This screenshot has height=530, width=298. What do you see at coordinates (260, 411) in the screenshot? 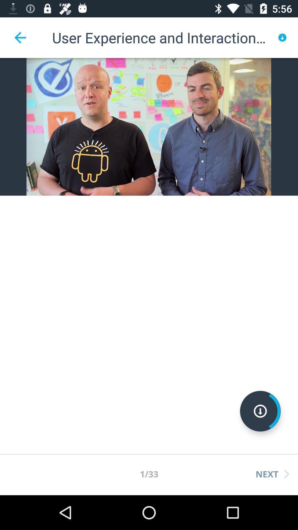
I see `the file_download icon` at bounding box center [260, 411].